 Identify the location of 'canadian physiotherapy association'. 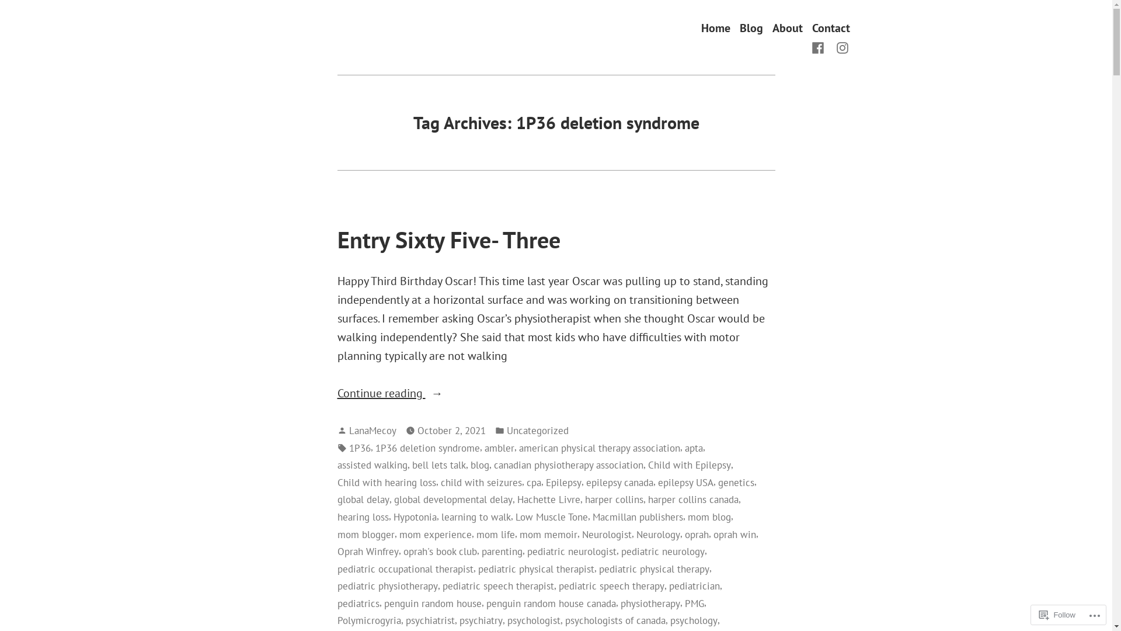
(569, 464).